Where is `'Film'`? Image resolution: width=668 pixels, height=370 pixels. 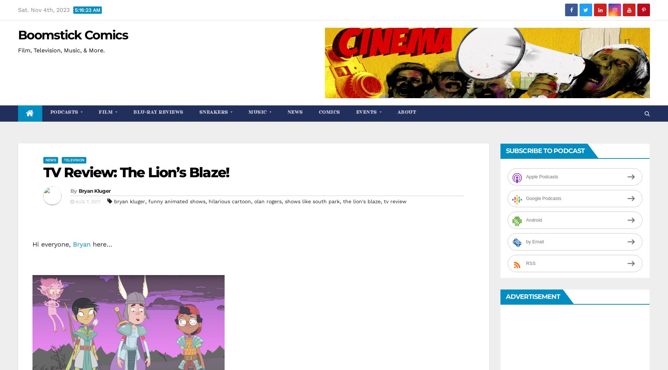 'Film' is located at coordinates (98, 112).